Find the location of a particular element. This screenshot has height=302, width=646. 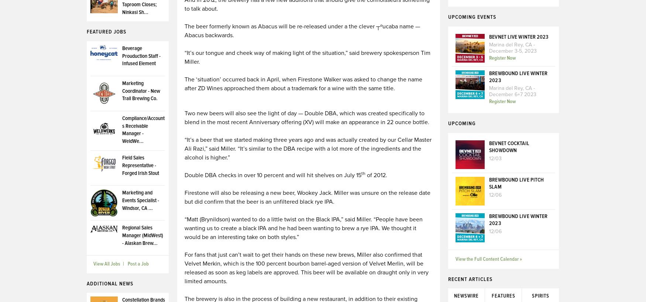

'View All Jobs' is located at coordinates (106, 264).